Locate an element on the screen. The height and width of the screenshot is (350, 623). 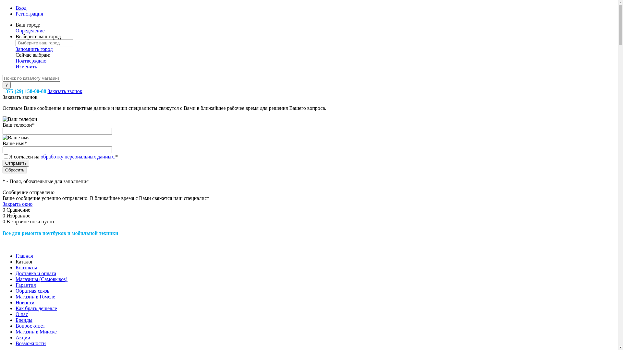
'0' is located at coordinates (5, 210).